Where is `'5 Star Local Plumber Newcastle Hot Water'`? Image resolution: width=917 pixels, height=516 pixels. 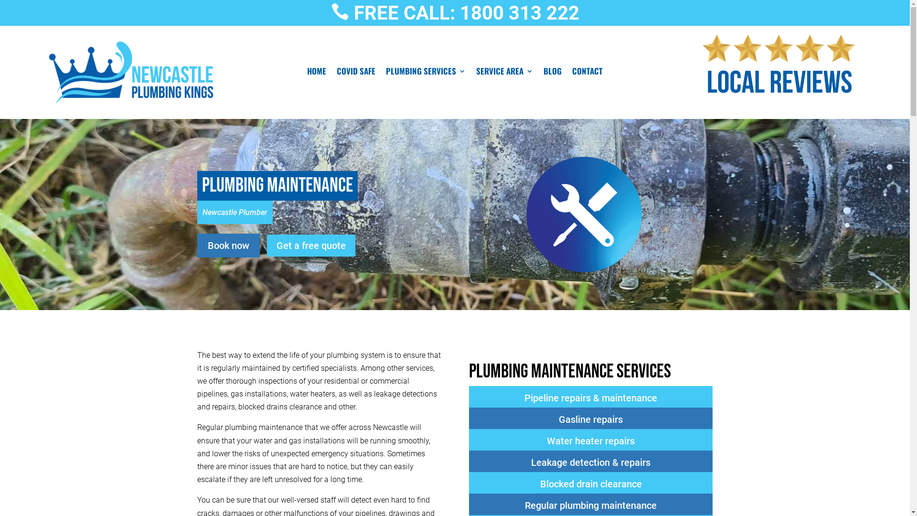
'5 Star Local Plumber Newcastle Hot Water' is located at coordinates (779, 64).